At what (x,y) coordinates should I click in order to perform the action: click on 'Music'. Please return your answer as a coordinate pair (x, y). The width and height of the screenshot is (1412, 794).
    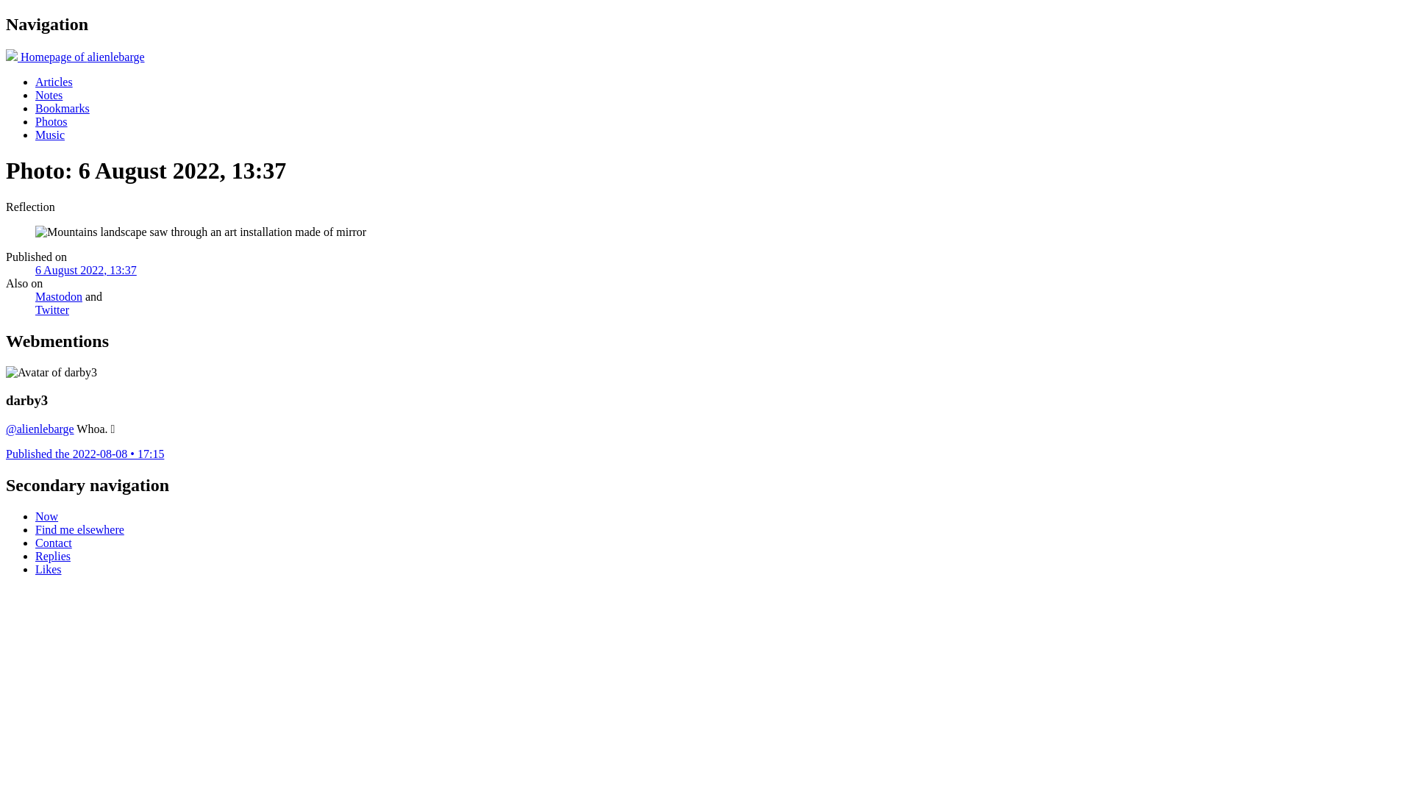
    Looking at the image, I should click on (49, 135).